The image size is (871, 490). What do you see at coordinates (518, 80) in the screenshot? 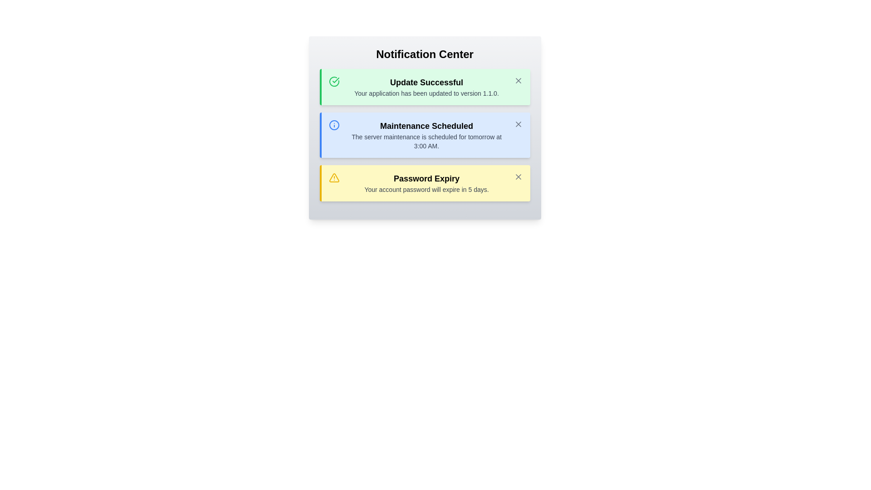
I see `the Dismiss button located at the top-right corner of the 'Update Successful' notification section` at bounding box center [518, 80].